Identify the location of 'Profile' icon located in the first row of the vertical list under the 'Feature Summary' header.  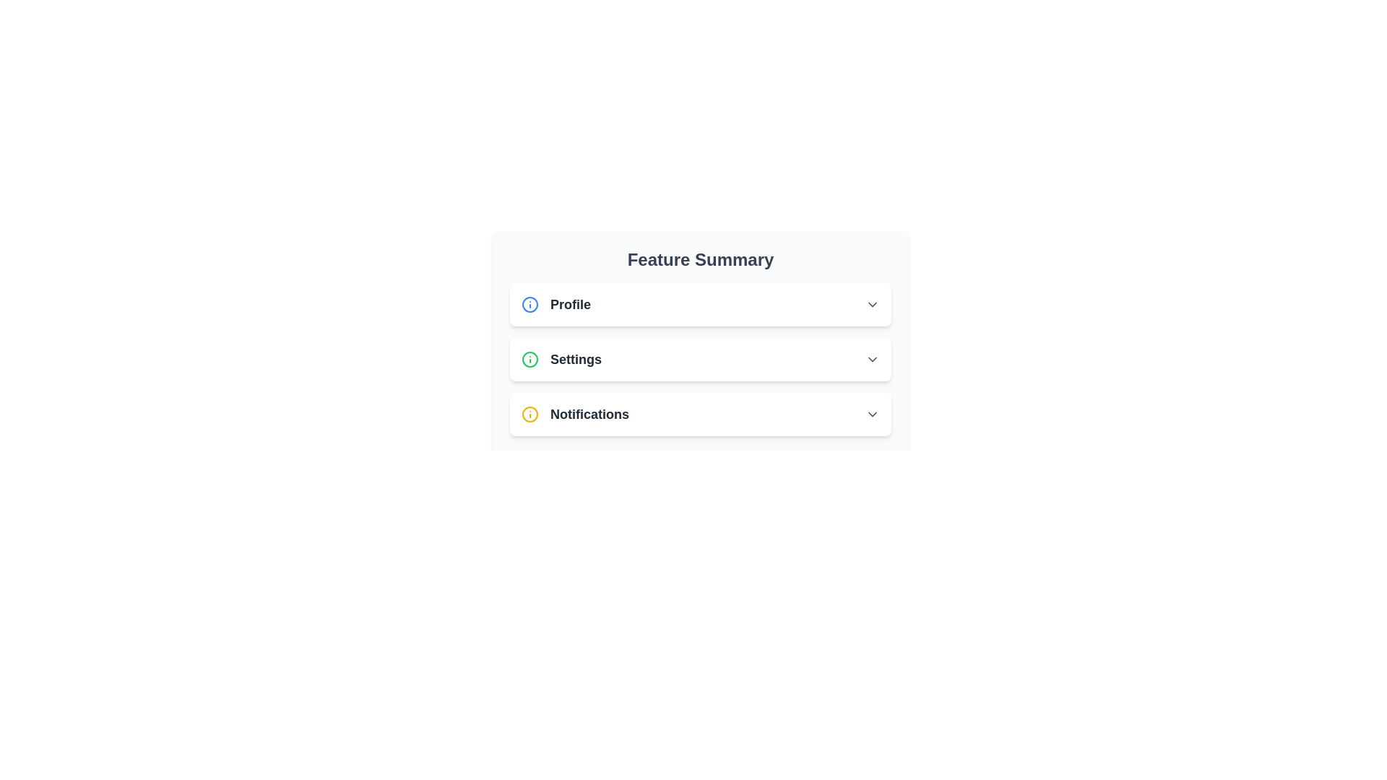
(530, 303).